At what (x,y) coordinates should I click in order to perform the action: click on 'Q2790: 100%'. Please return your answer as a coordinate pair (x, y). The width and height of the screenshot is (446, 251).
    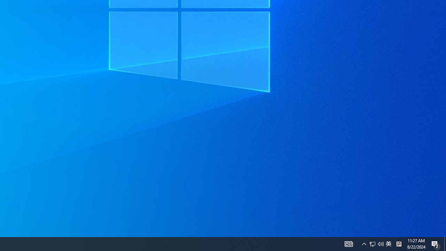
    Looking at the image, I should click on (380, 243).